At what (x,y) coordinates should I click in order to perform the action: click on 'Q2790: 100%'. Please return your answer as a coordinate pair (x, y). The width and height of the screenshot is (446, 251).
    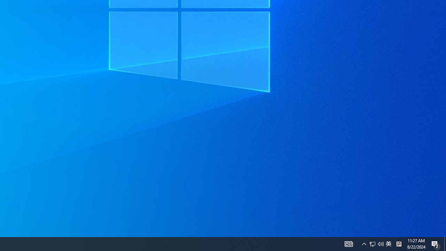
    Looking at the image, I should click on (380, 243).